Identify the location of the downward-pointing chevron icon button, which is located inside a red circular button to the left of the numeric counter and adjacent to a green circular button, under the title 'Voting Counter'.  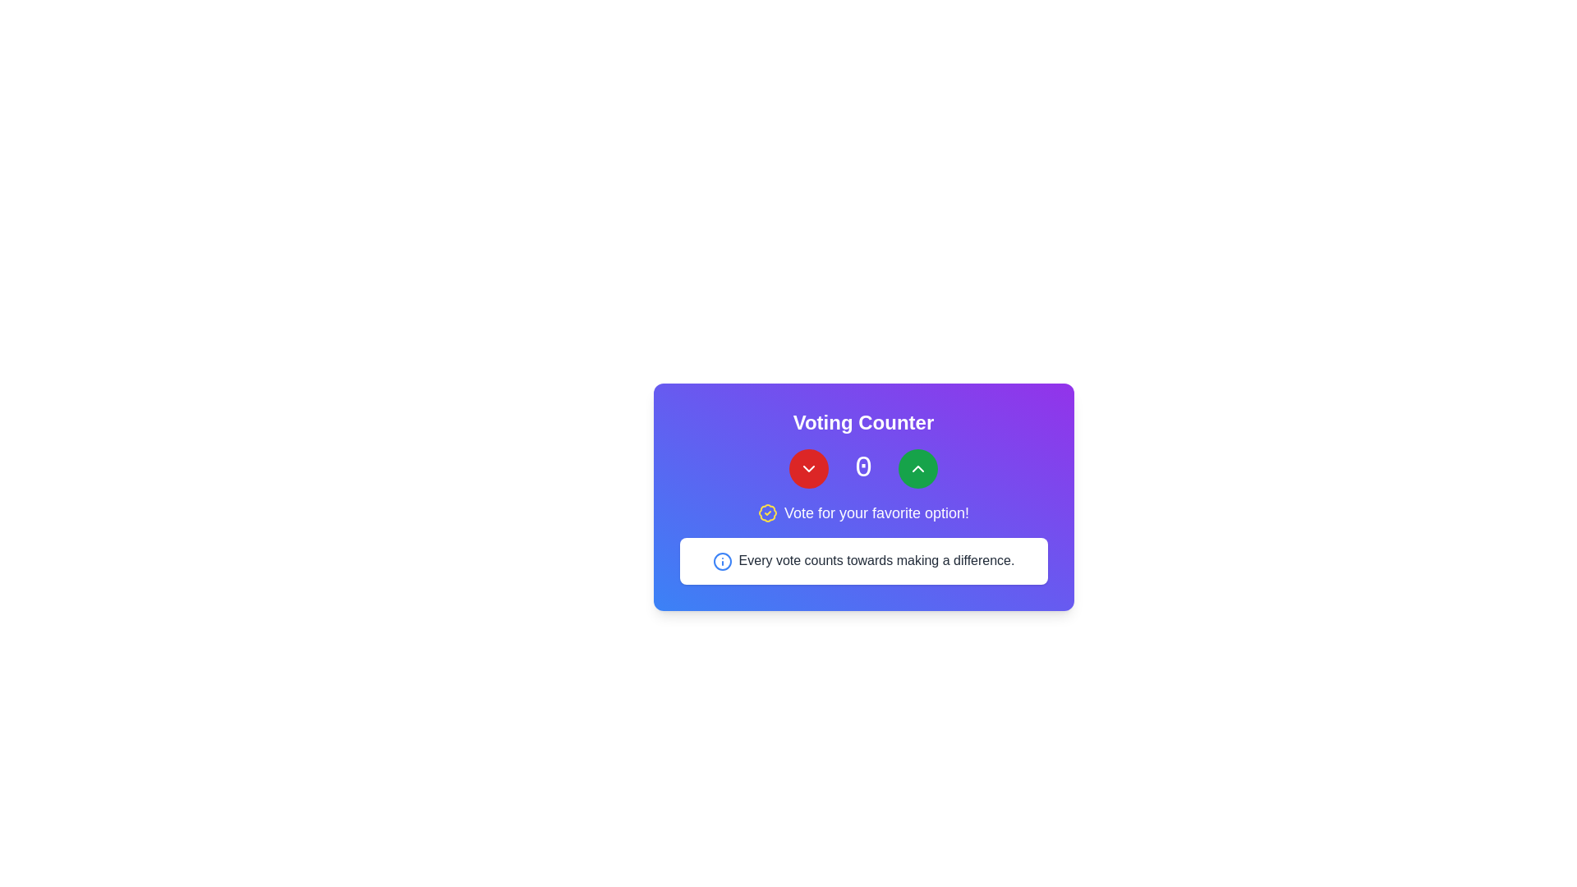
(808, 468).